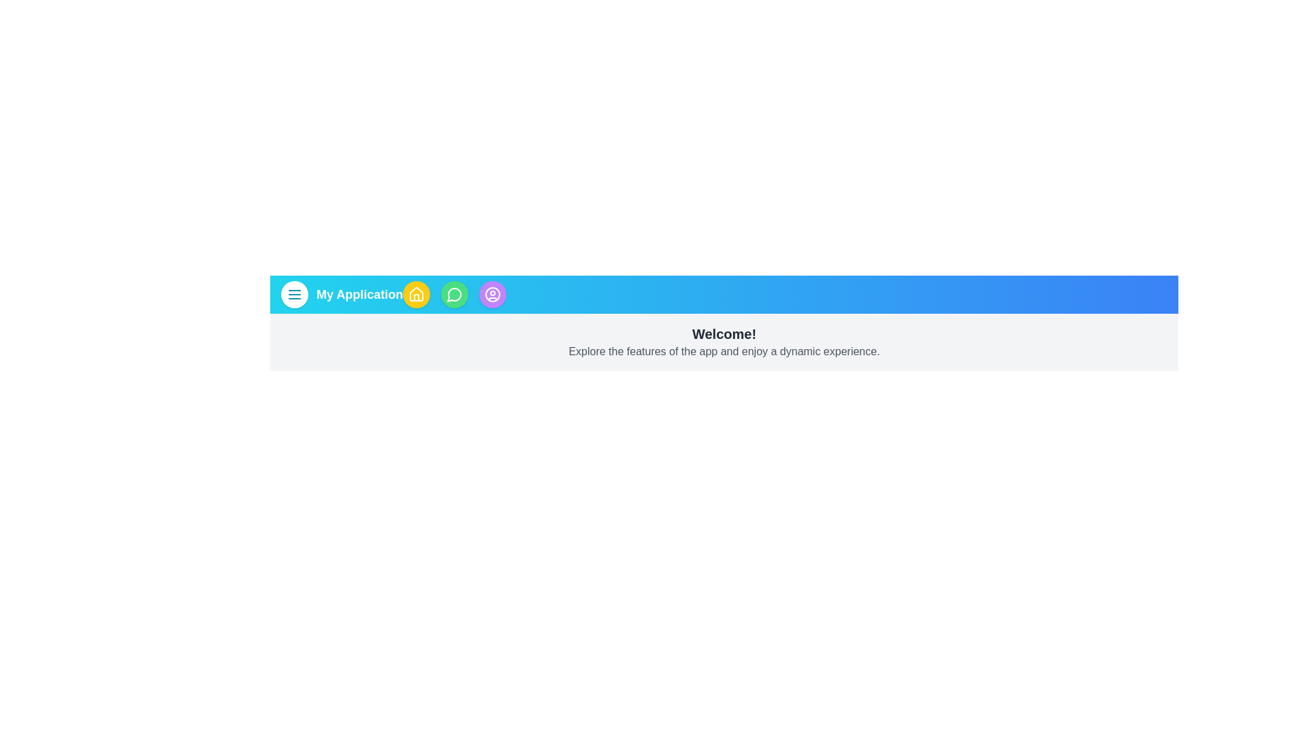 The width and height of the screenshot is (1307, 735). Describe the element at coordinates (293, 293) in the screenshot. I see `the menu button located at the top-left corner of the navigation bar` at that location.